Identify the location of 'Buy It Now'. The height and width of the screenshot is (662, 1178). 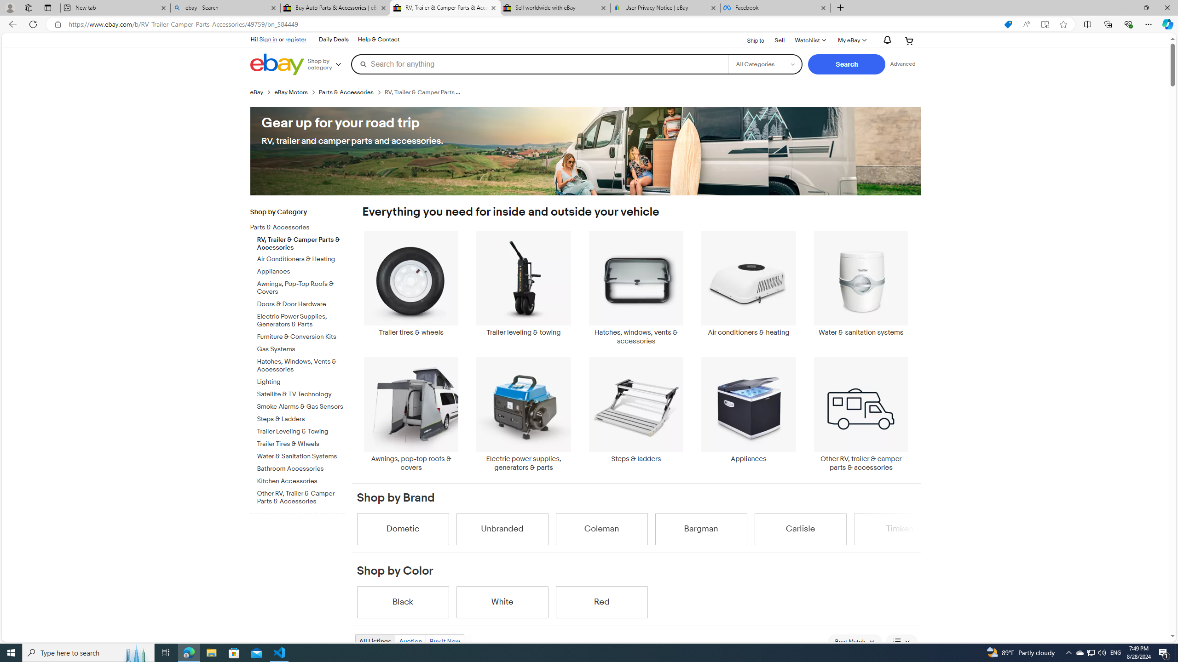
(445, 641).